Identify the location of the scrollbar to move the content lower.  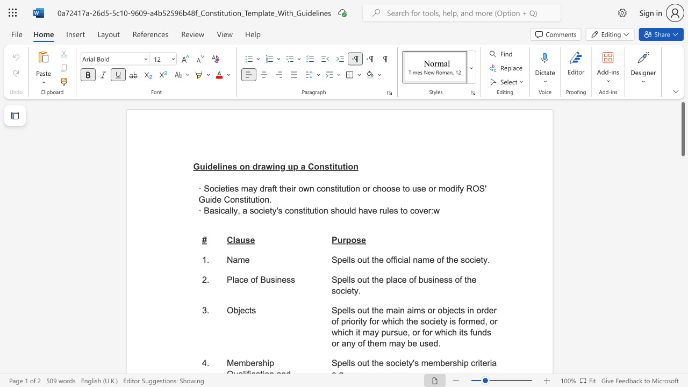
(682, 225).